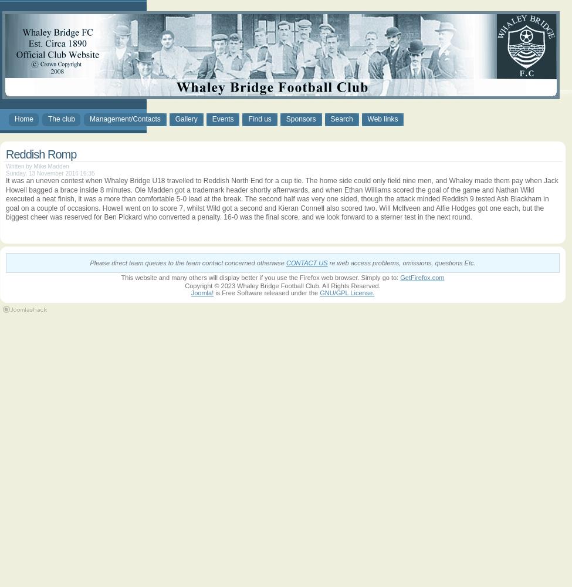 This screenshot has height=587, width=572. Describe the element at coordinates (187, 262) in the screenshot. I see `'Please direct team queries to the team contact concerned otherwise'` at that location.